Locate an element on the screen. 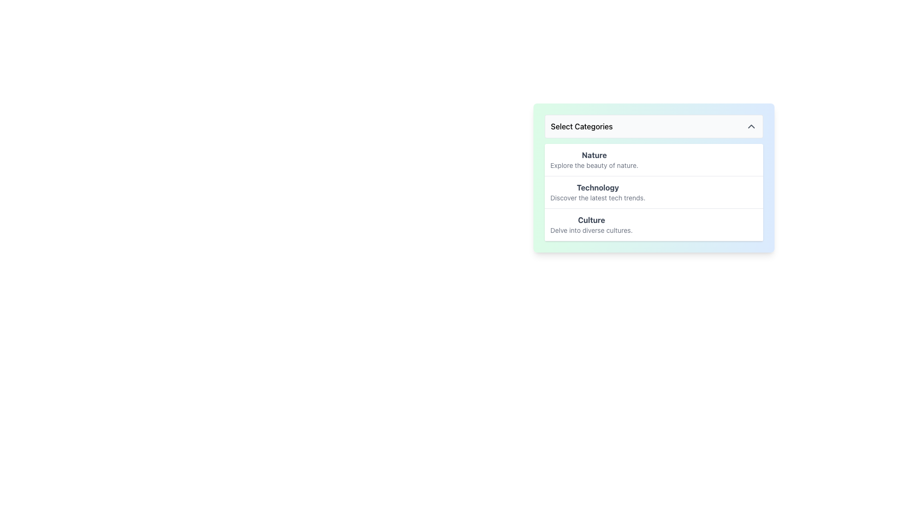  the 'Technology' category list item is located at coordinates (653, 192).